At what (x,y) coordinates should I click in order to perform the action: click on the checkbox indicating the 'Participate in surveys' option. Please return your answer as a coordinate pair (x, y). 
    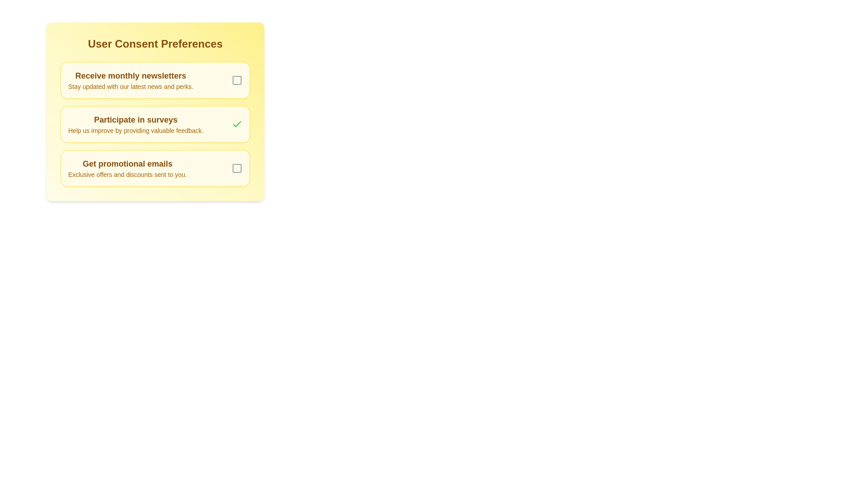
    Looking at the image, I should click on (237, 124).